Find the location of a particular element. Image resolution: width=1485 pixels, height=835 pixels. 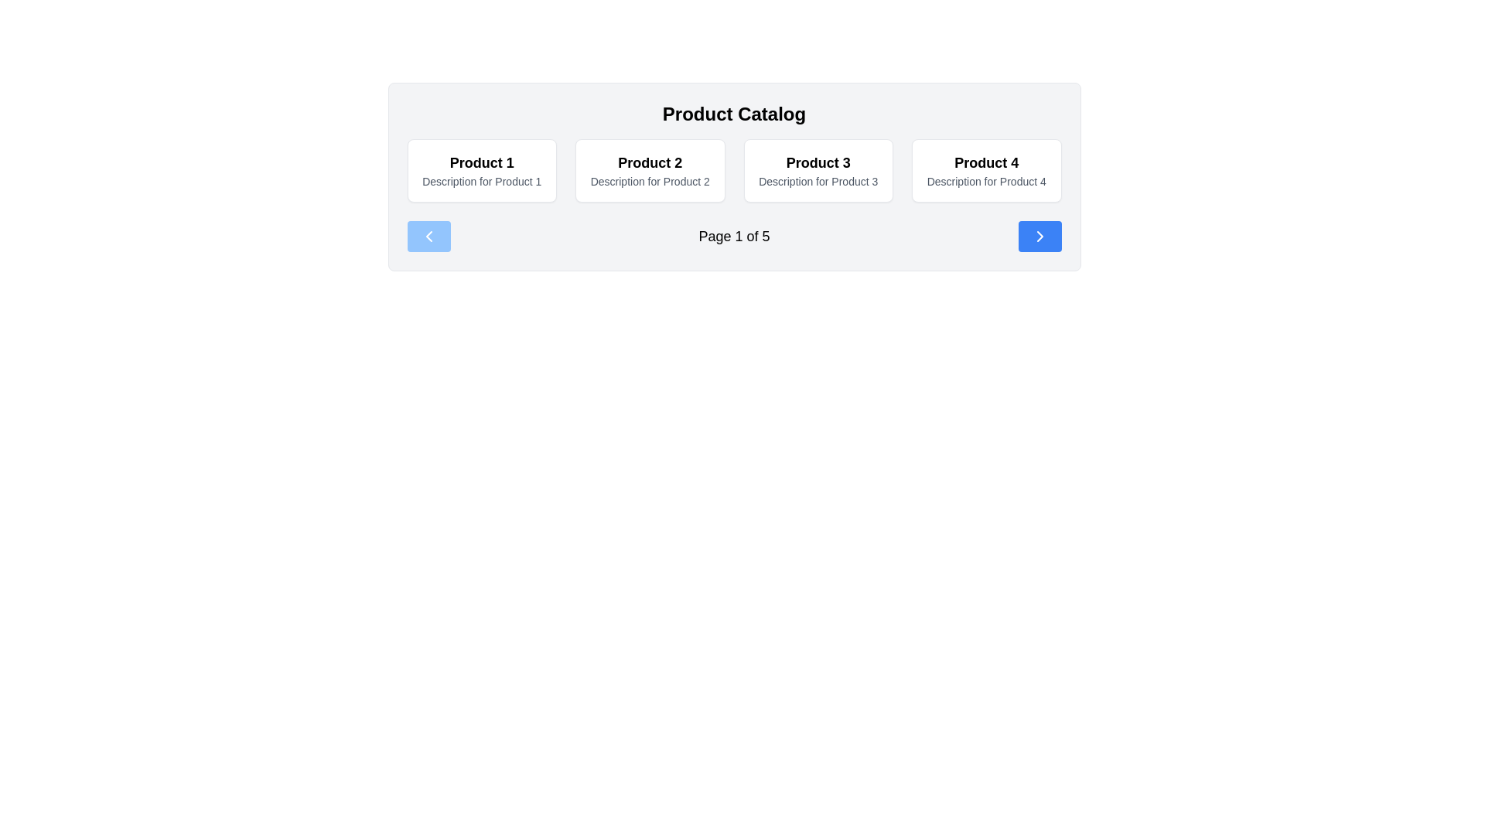

the product cards within the 'Product Catalog' section is located at coordinates (733, 176).